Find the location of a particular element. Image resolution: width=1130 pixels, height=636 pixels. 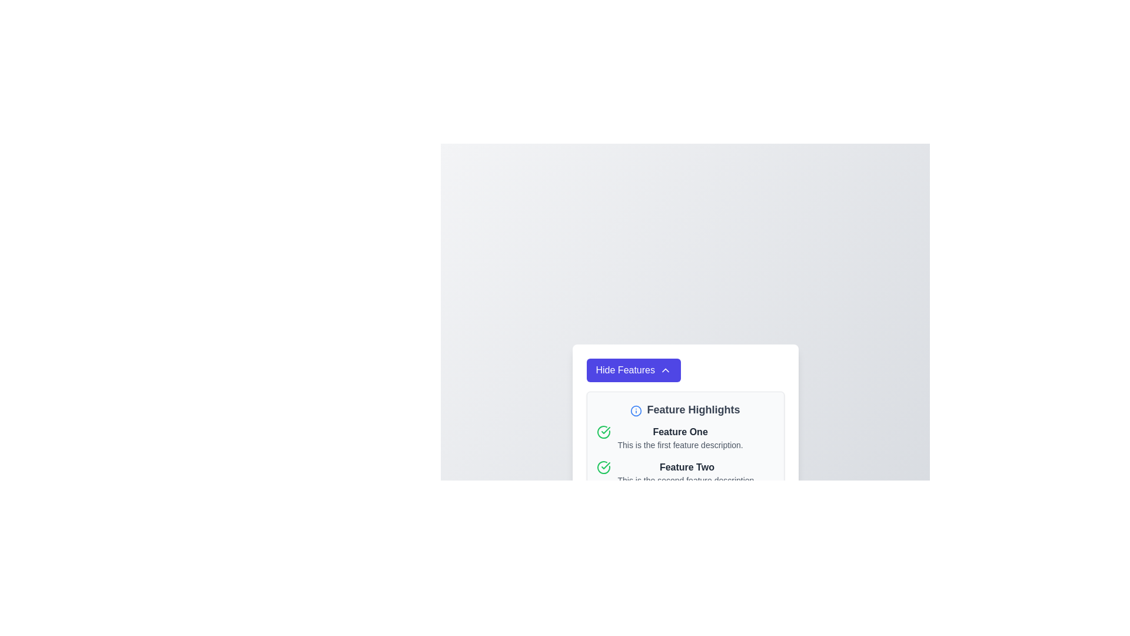

text of the element labeled 'Feature One' which includes the heading and its description located in the 'Feature Highlights' section is located at coordinates (680, 438).